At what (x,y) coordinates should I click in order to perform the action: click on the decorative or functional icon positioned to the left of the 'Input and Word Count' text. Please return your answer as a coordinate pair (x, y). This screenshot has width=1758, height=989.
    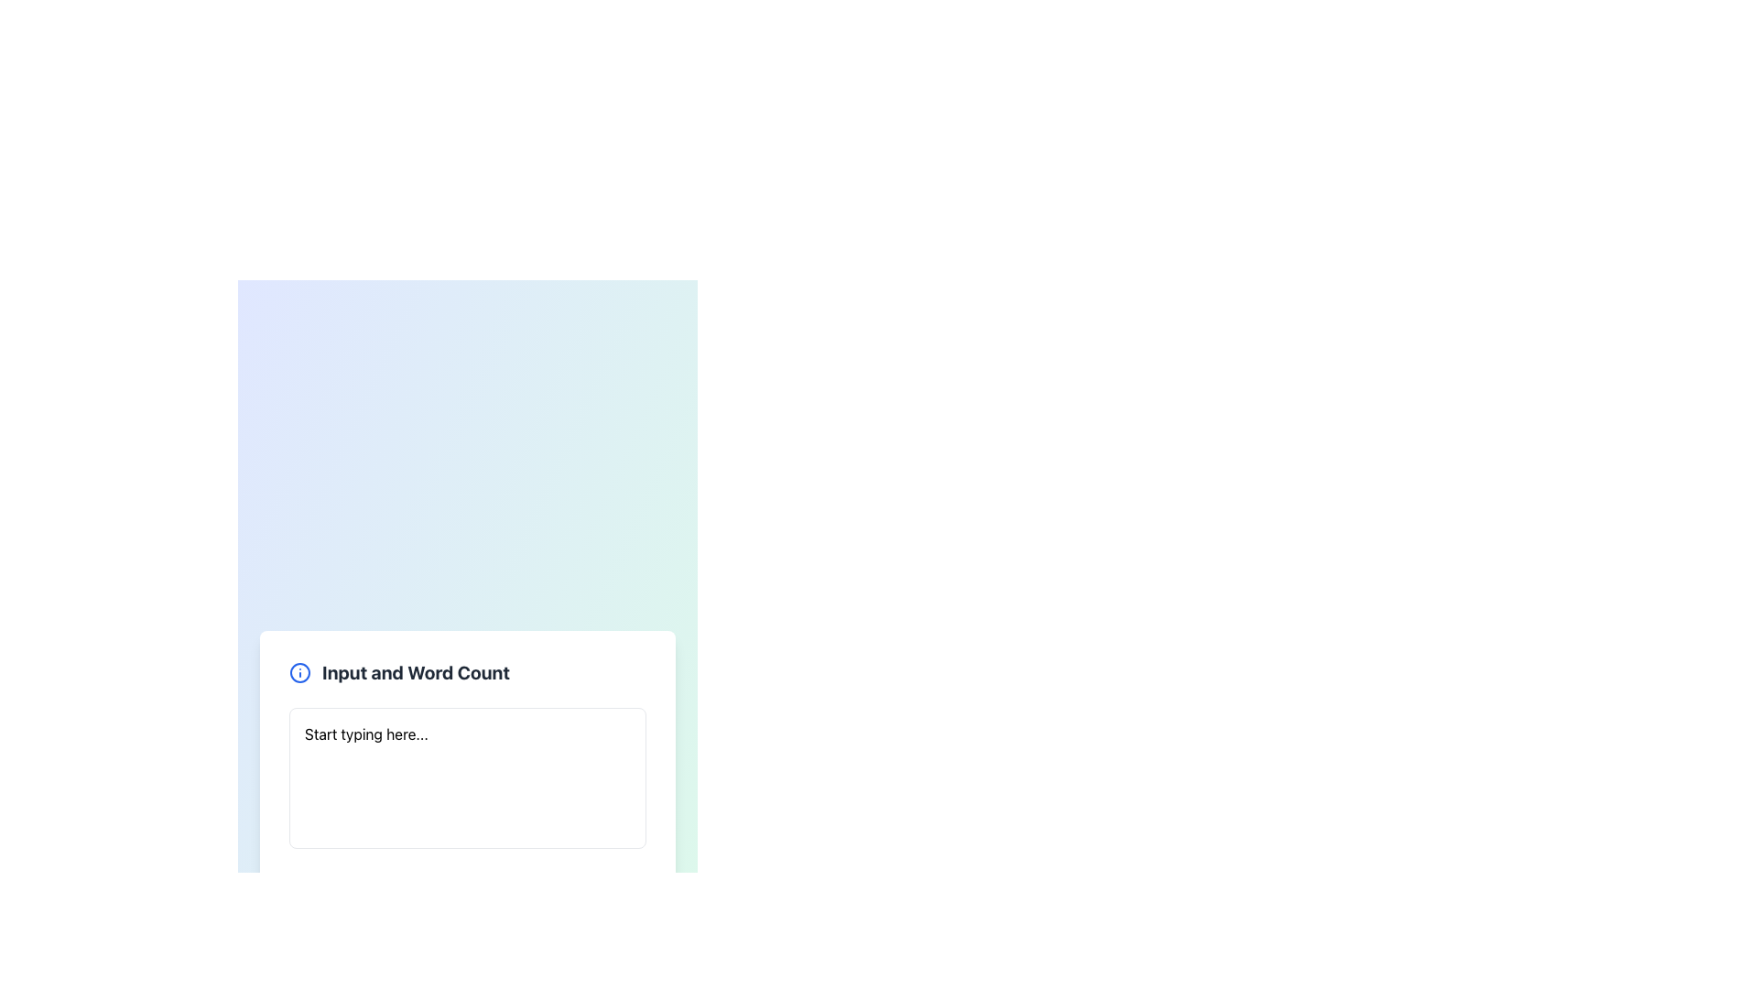
    Looking at the image, I should click on (299, 673).